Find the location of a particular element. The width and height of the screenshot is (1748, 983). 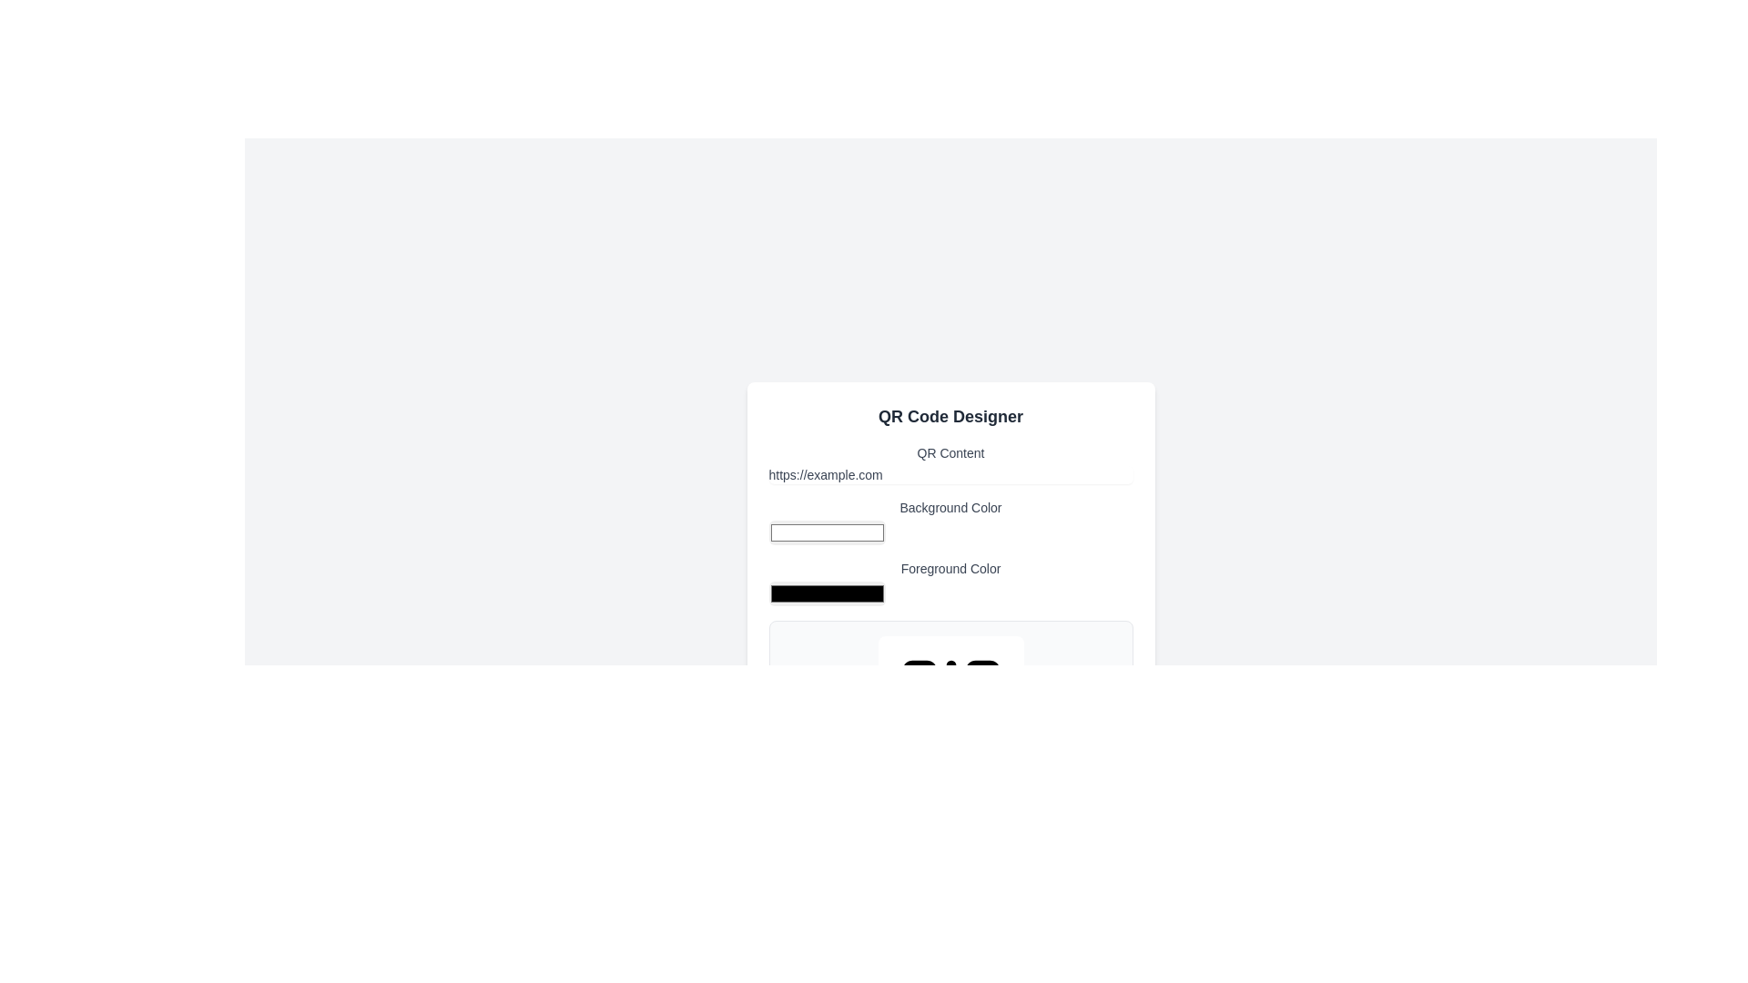

the 'Foreground Color' label, which is styled with a small-sized, medium-weight gray font and positioned below the 'Background Color' label is located at coordinates (950, 583).